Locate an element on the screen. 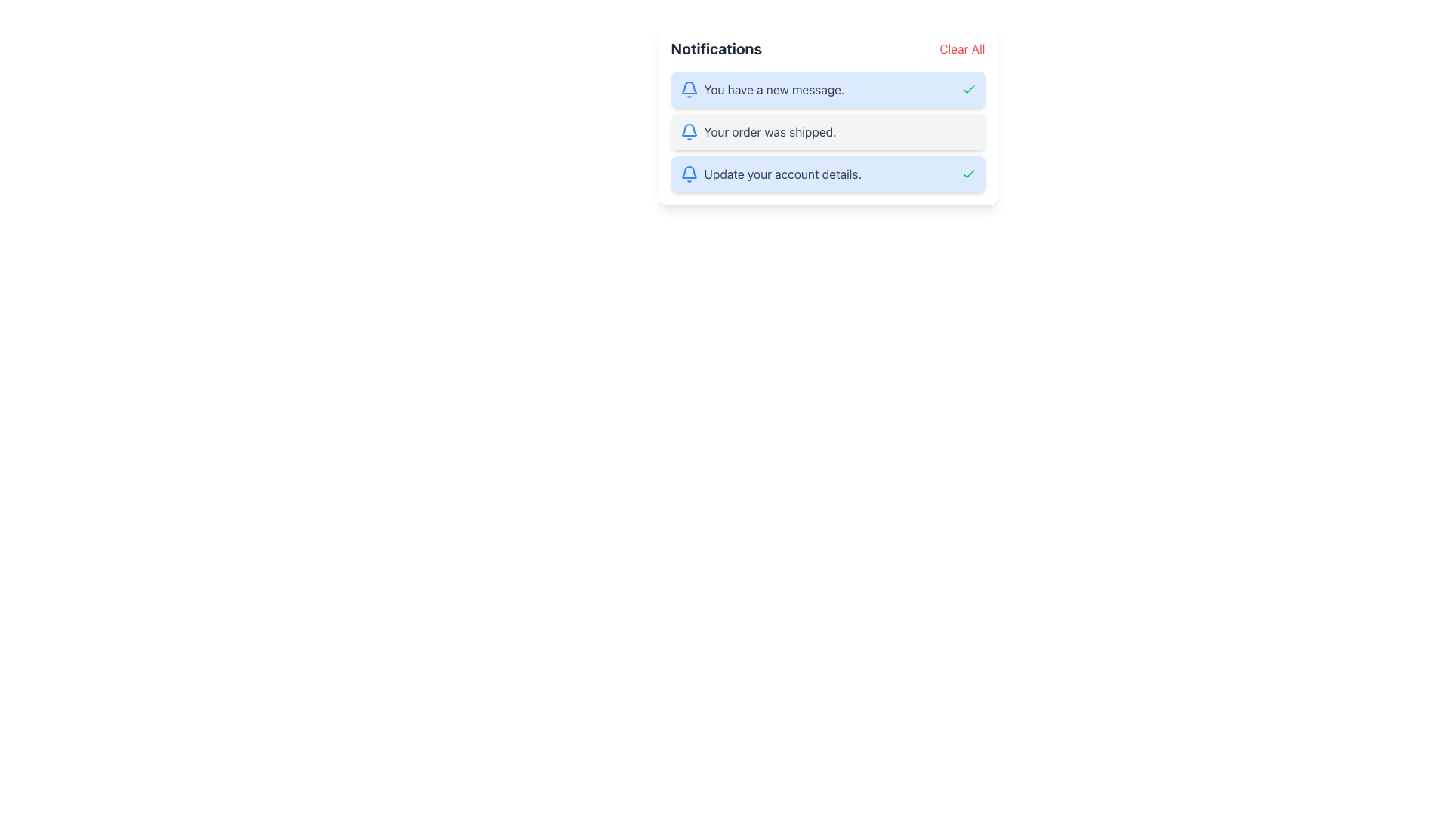 This screenshot has height=815, width=1450. the Notification Box that indicates the user's order has been shipped, positioned between the 'You have a new message.' and 'Update your account details.' notifications is located at coordinates (827, 131).